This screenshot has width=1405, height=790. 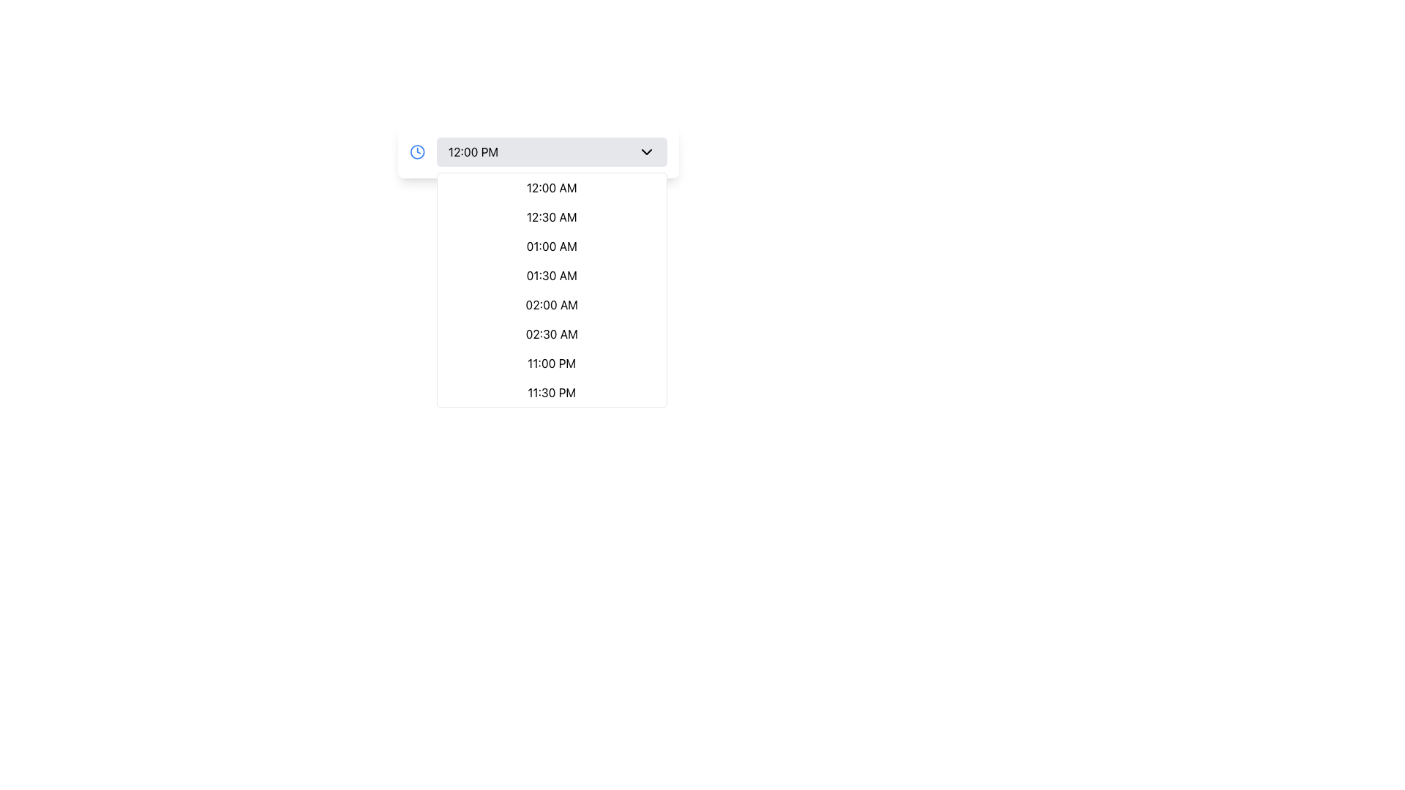 I want to click on the list item displaying '11:00 PM', so click(x=551, y=363).